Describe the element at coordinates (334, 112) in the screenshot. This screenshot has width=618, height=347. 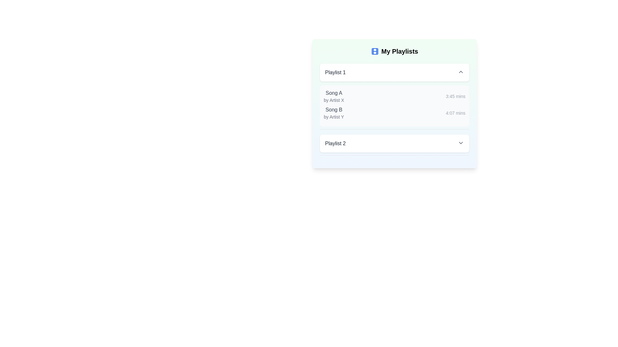
I see `the text group element displaying the song title 'Song B' and artist name 'by Artist Y', located within the 'Playlist 1' section` at that location.